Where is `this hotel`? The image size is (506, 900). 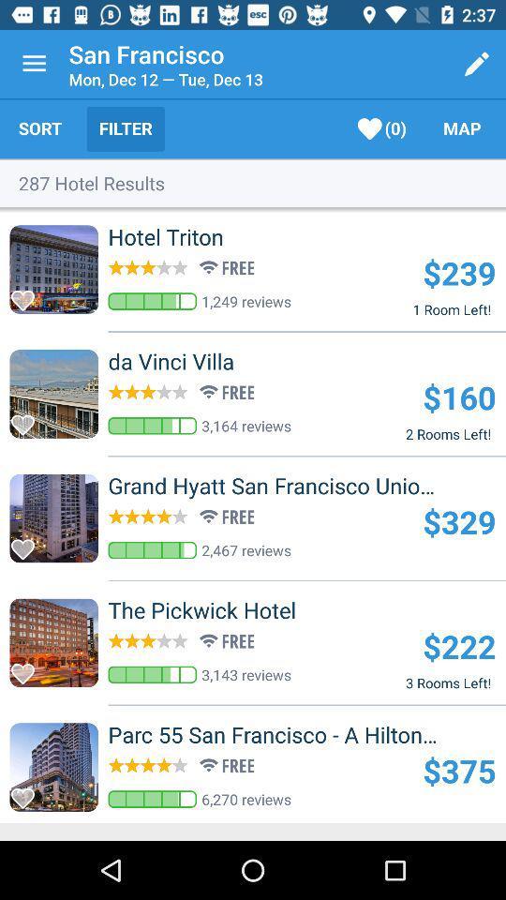
this hotel is located at coordinates (27, 544).